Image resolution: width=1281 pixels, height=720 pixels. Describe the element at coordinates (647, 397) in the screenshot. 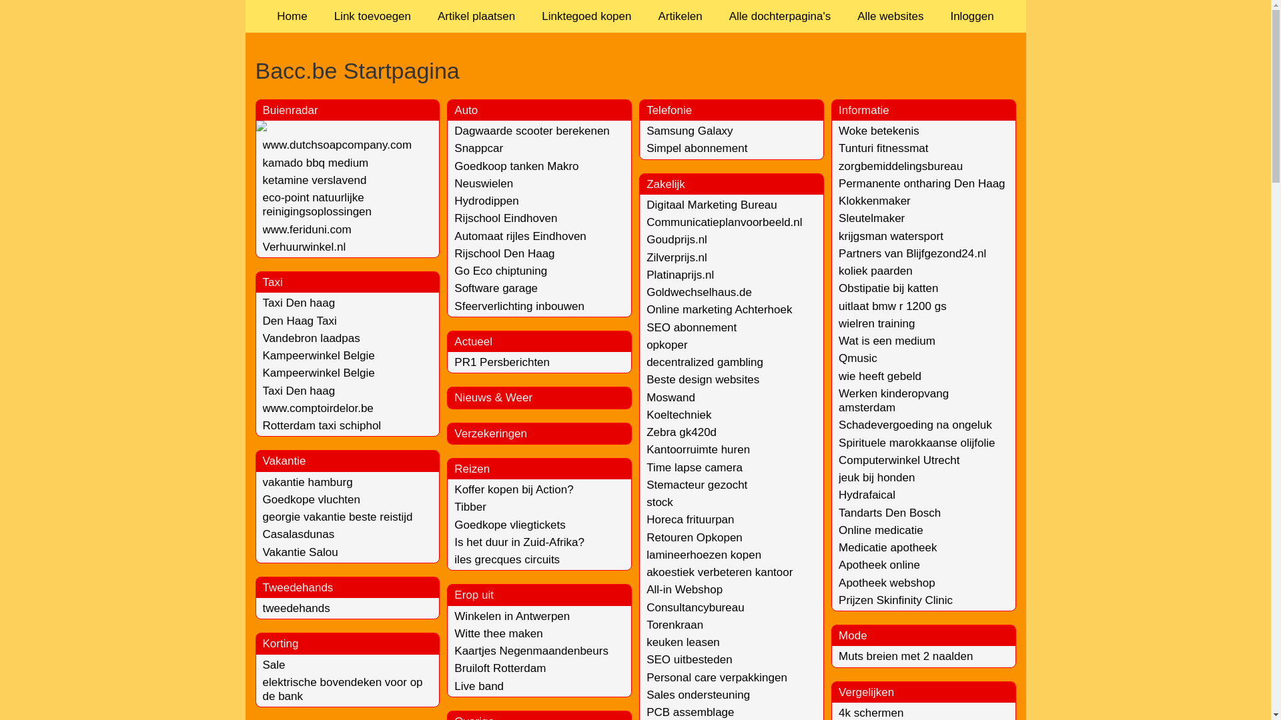

I see `'Moswand'` at that location.